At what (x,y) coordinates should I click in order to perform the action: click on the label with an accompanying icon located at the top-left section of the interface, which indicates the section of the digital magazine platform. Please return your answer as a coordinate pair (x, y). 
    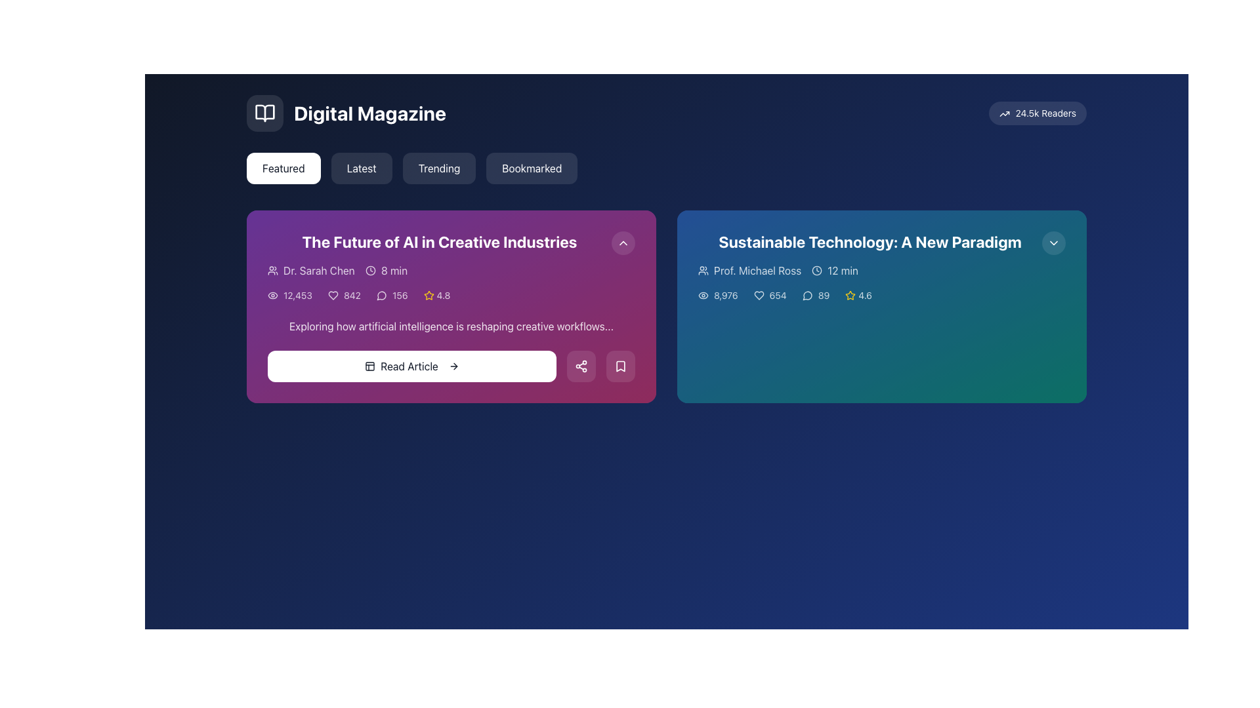
    Looking at the image, I should click on (346, 113).